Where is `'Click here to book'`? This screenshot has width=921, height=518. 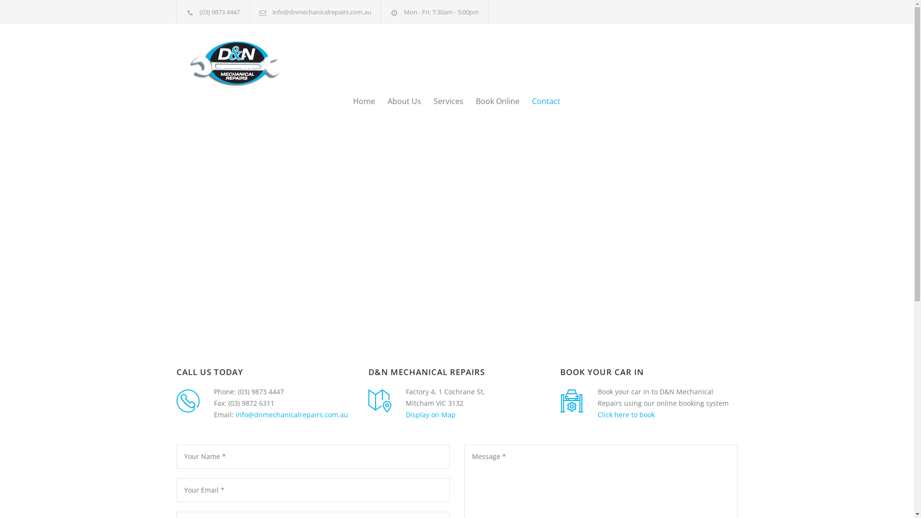
'Click here to book' is located at coordinates (597, 414).